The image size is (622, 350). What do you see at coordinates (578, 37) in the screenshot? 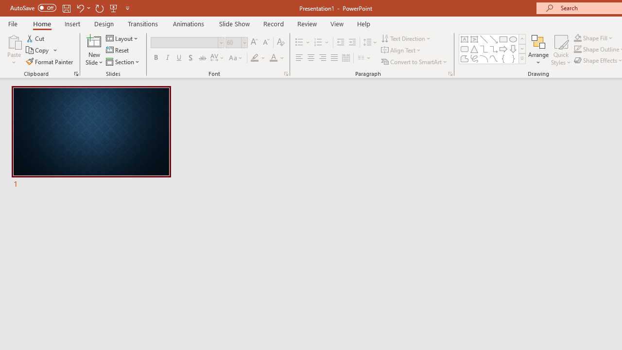
I see `'Shape Fill Orange, Accent 2'` at bounding box center [578, 37].